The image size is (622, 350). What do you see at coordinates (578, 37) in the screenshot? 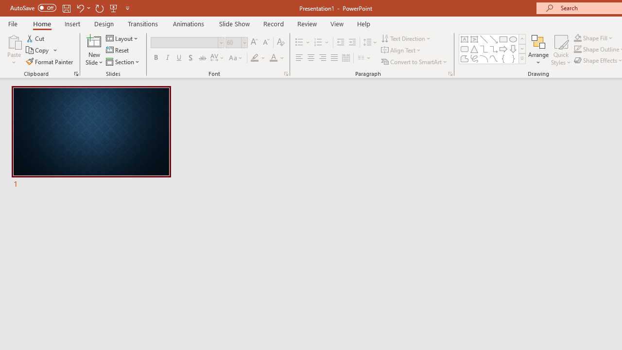
I see `'Shape Fill Orange, Accent 2'` at bounding box center [578, 37].